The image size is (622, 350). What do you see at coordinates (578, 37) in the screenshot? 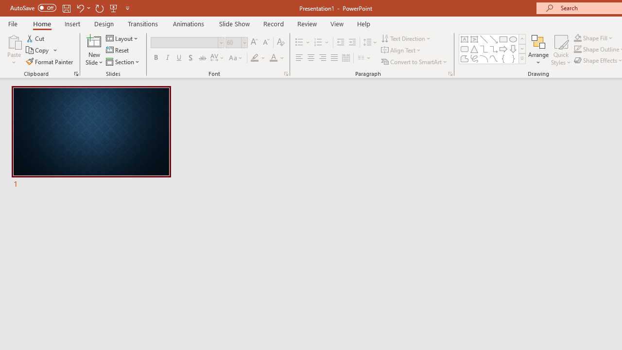
I see `'Shape Fill Orange, Accent 2'` at bounding box center [578, 37].